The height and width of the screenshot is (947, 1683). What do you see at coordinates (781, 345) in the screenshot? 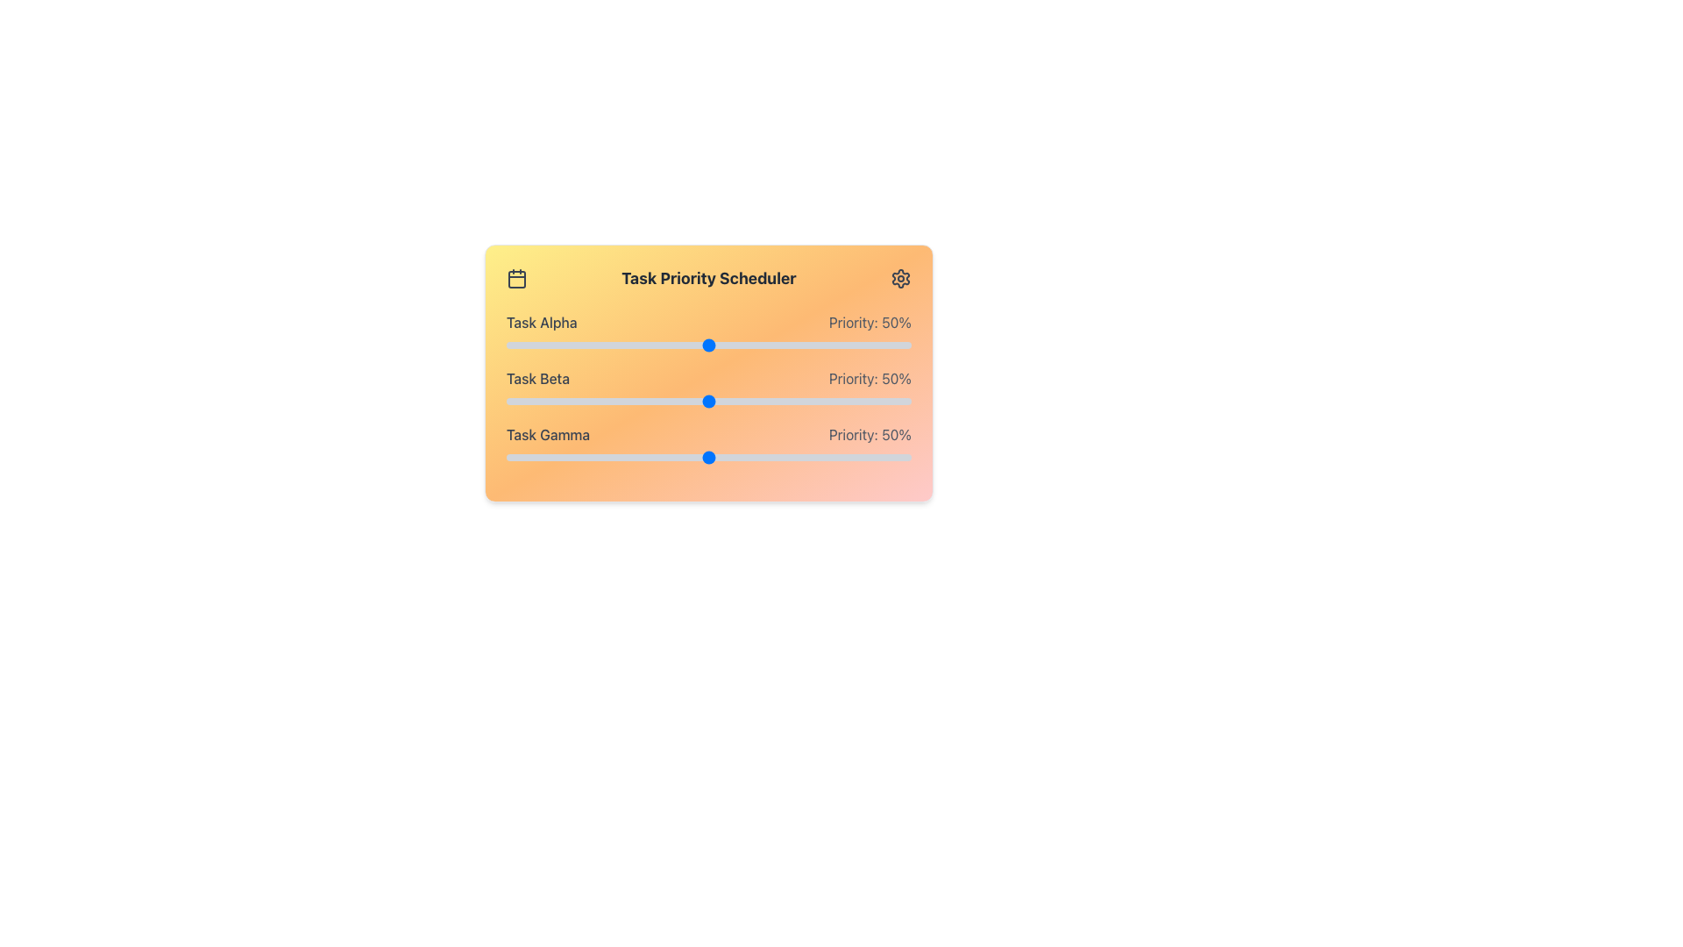
I see `task priority` at bounding box center [781, 345].